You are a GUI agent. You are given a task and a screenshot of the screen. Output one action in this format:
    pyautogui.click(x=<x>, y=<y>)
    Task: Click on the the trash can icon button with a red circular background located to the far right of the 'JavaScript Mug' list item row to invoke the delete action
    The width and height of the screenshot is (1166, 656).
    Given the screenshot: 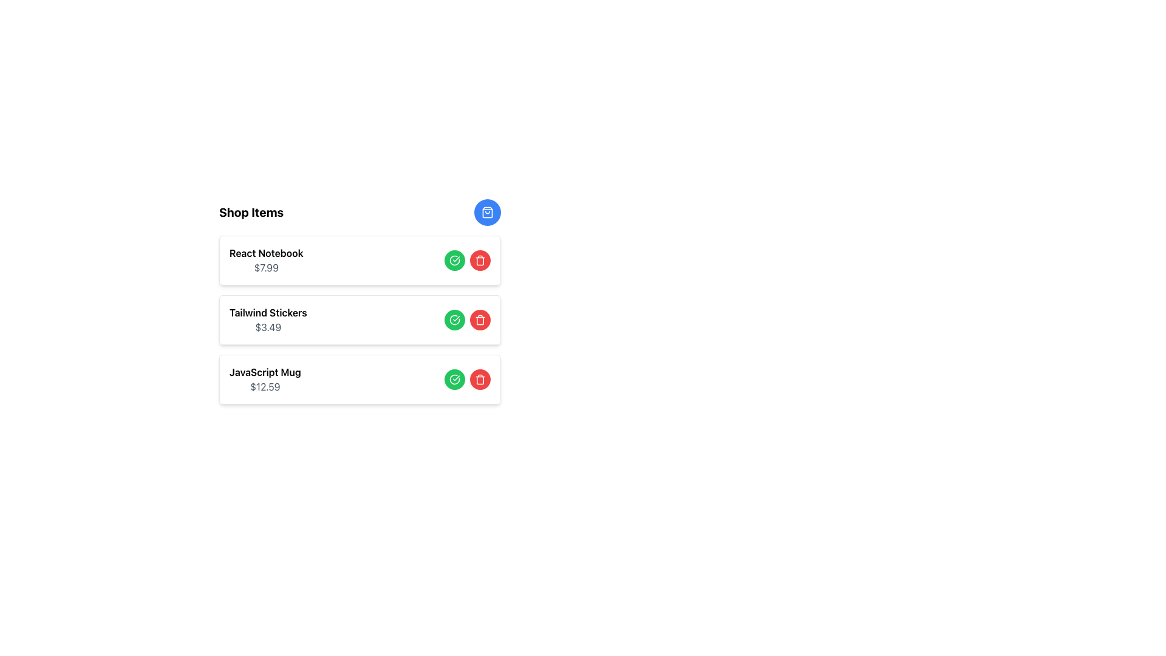 What is the action you would take?
    pyautogui.click(x=480, y=378)
    